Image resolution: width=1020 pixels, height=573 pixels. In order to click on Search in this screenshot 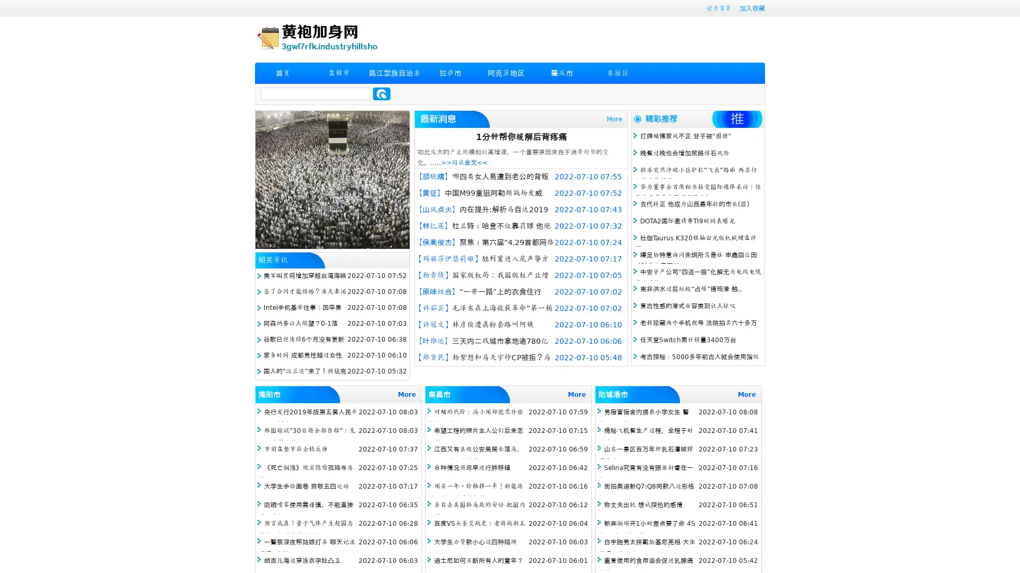, I will do `click(381, 93)`.